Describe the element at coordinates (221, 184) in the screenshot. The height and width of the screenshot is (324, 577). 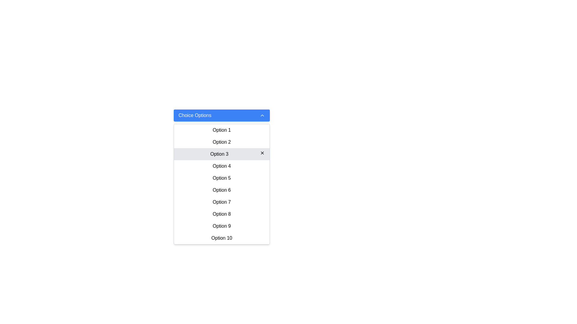
I see `the 'Option 6' item in the dropdown menu titled 'Choice Options'` at that location.